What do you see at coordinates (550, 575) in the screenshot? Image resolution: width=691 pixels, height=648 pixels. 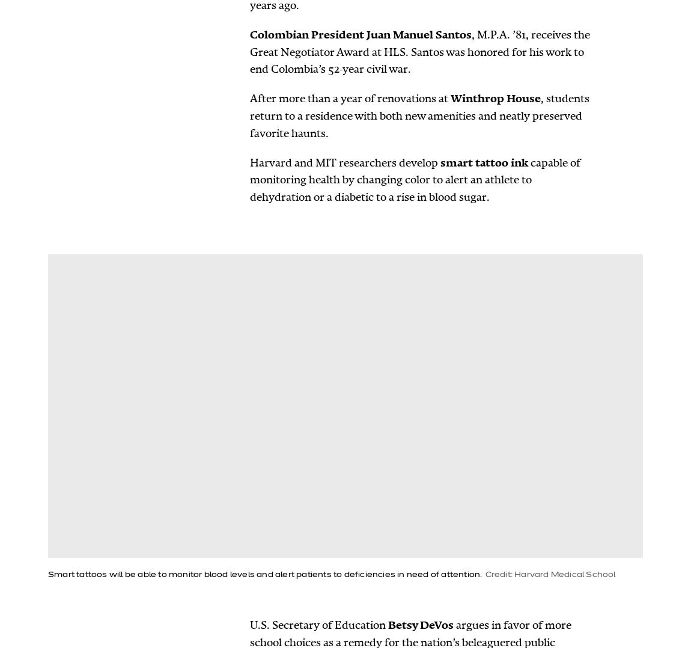 I see `'Credit: Harvard Medical School'` at bounding box center [550, 575].